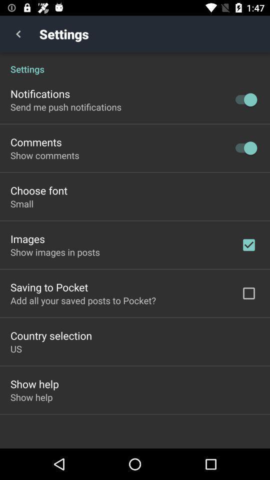 The width and height of the screenshot is (270, 480). What do you see at coordinates (22, 203) in the screenshot?
I see `small` at bounding box center [22, 203].